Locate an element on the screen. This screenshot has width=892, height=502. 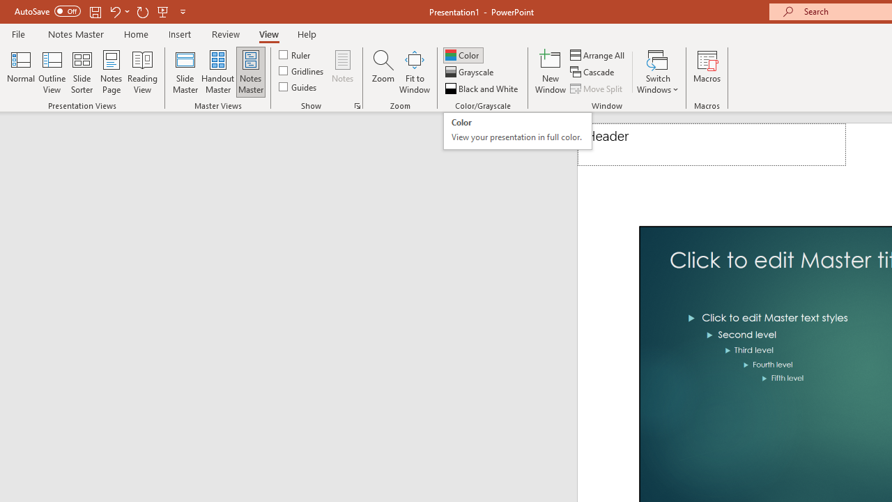
'New Window' is located at coordinates (550, 72).